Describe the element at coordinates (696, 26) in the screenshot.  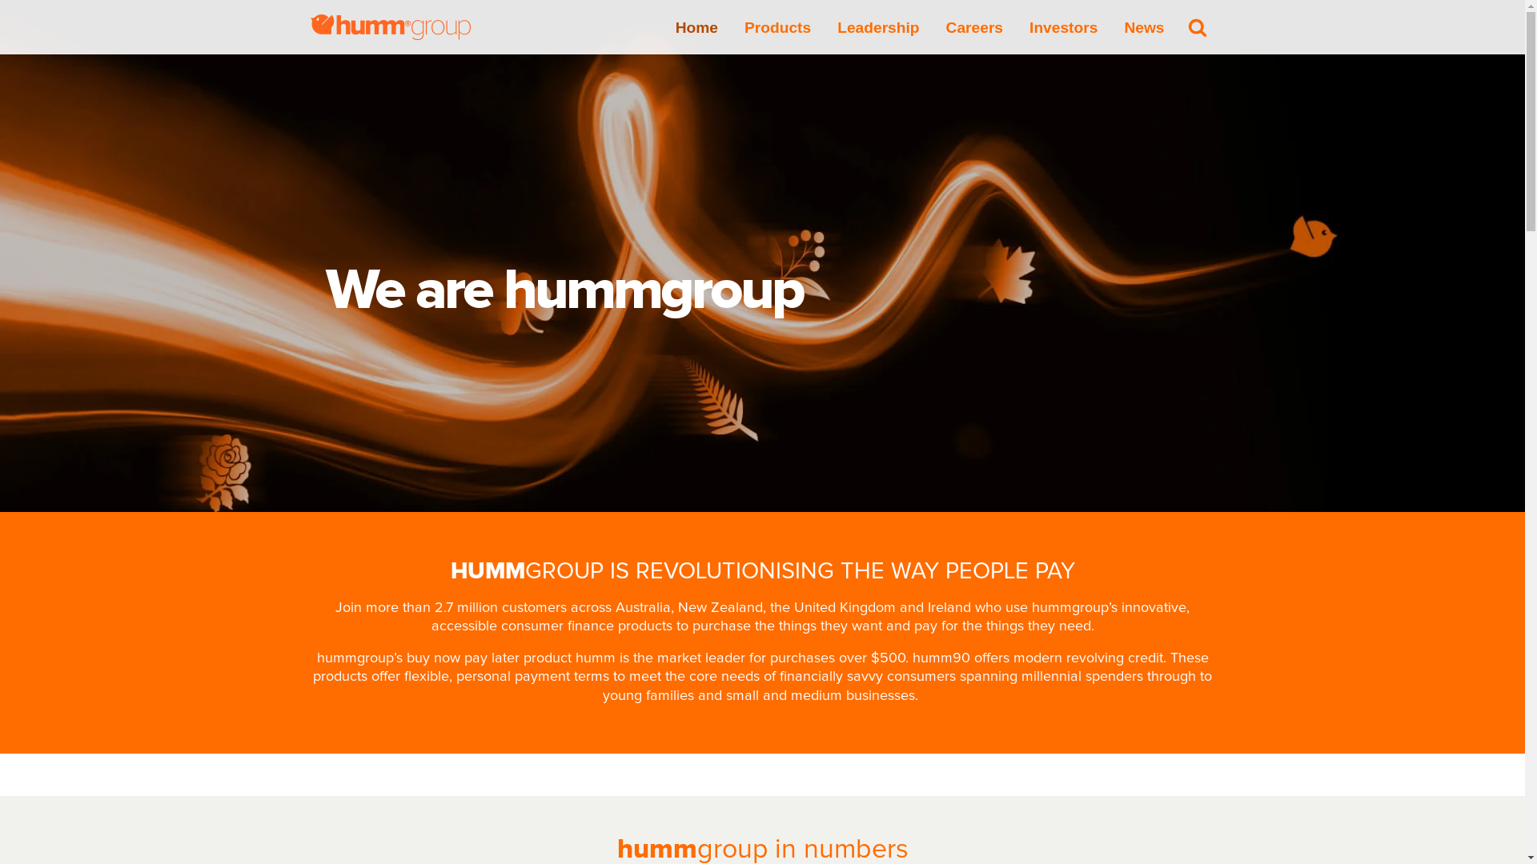
I see `'Home'` at that location.